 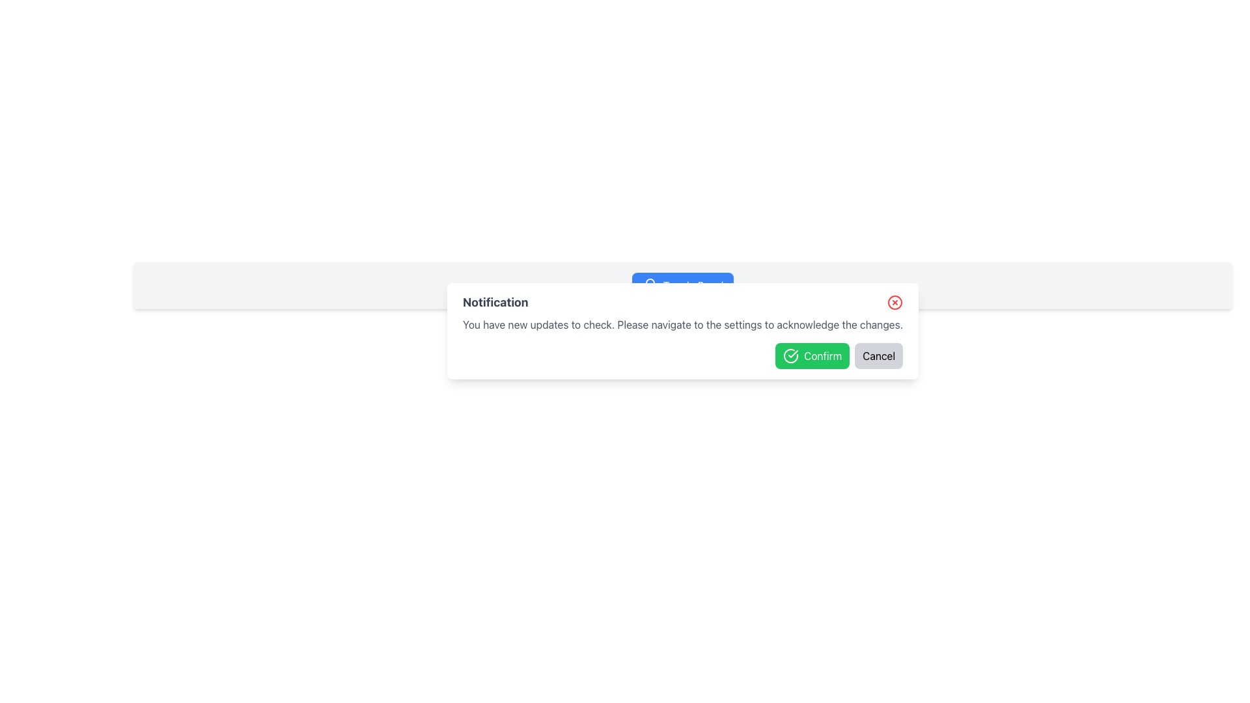 What do you see at coordinates (790, 356) in the screenshot?
I see `the circular icon with a green checkmark inside, which is located to the left of the 'Confirm' button in the confirmation dialog` at bounding box center [790, 356].